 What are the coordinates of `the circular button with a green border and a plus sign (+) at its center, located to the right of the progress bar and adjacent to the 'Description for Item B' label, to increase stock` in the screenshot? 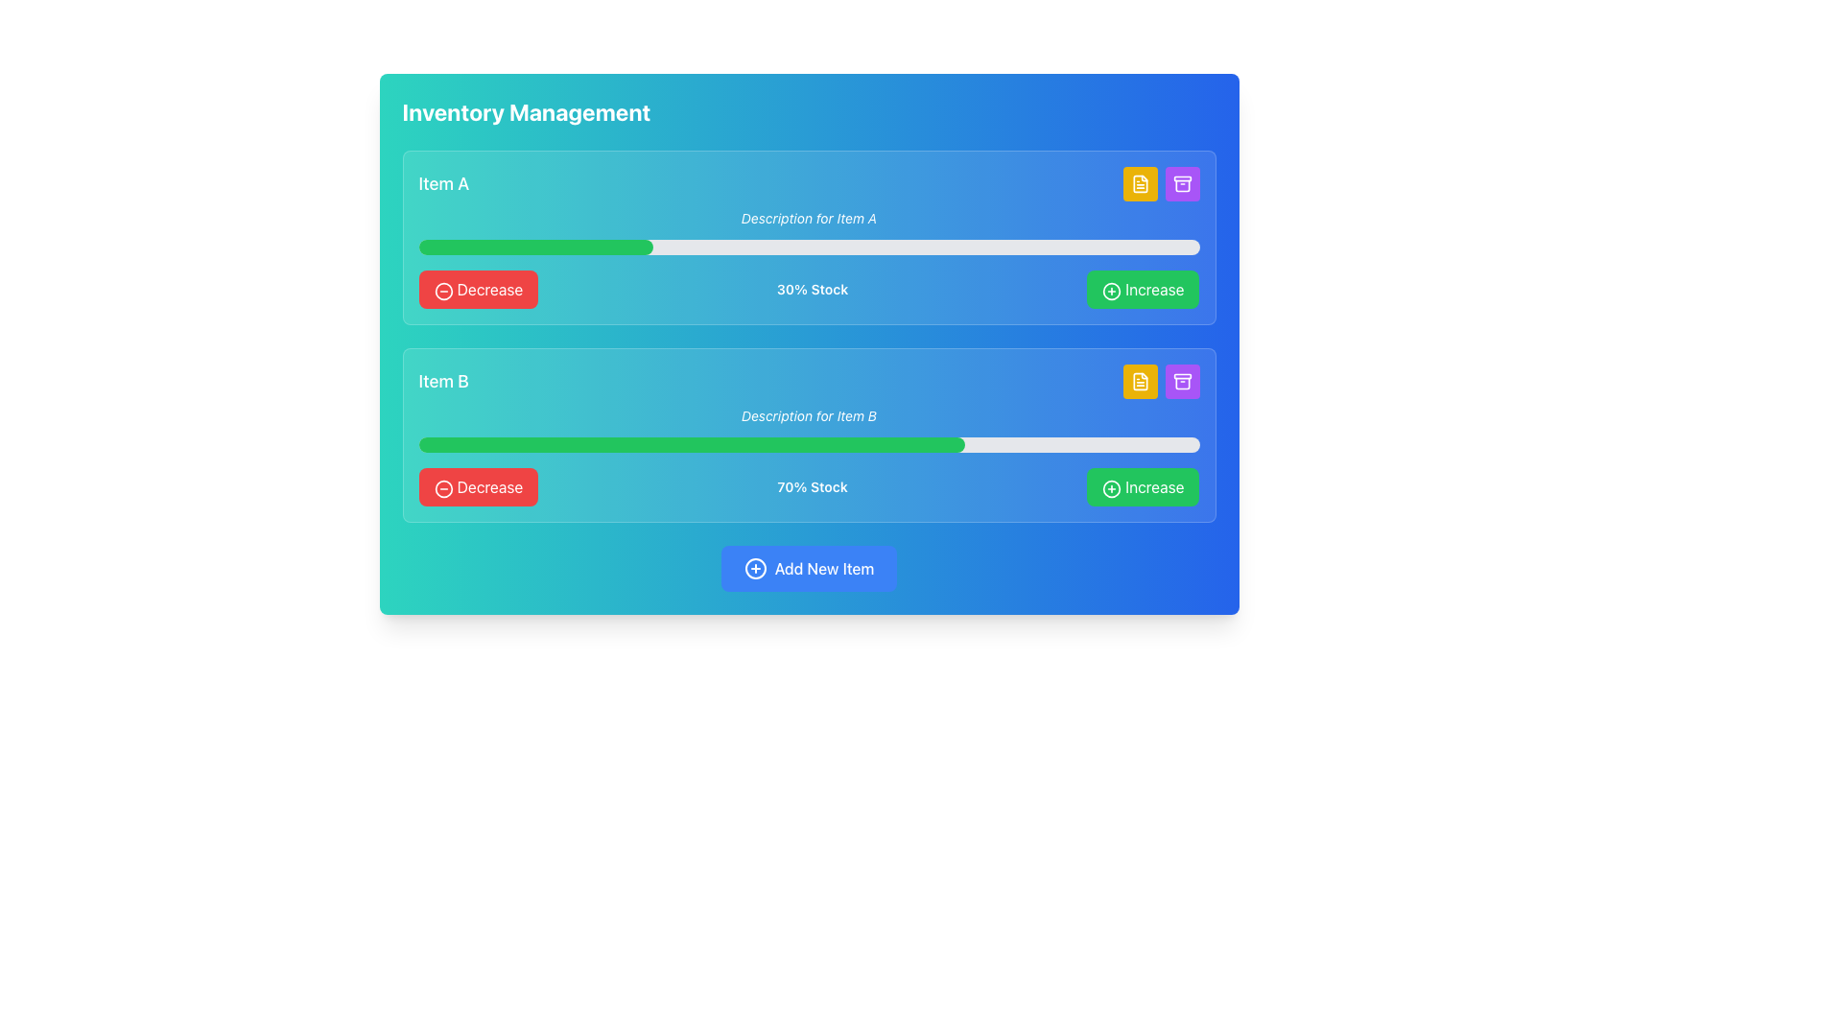 It's located at (1111, 291).